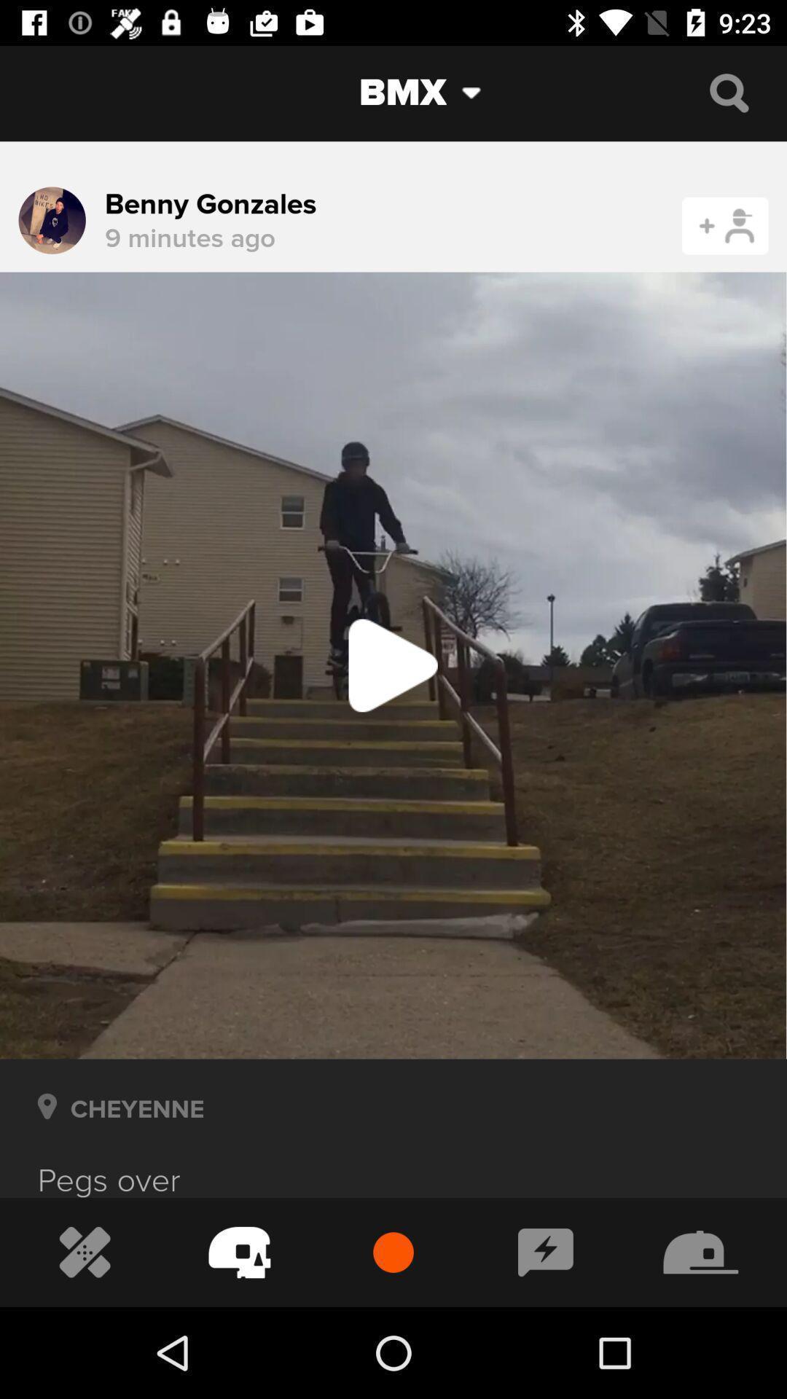 Image resolution: width=787 pixels, height=1399 pixels. What do you see at coordinates (383, 93) in the screenshot?
I see `the text bmx` at bounding box center [383, 93].